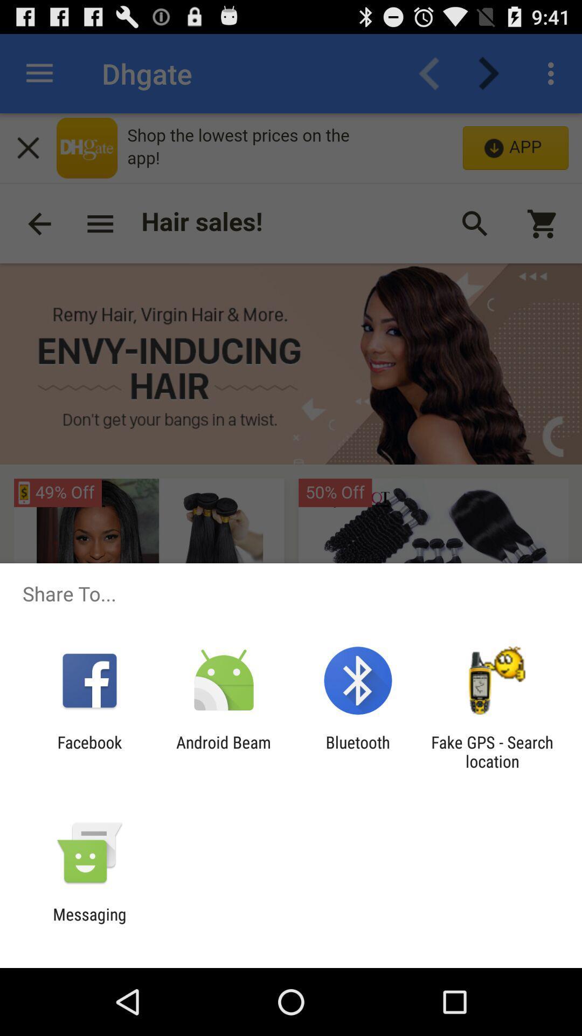  Describe the element at coordinates (358, 751) in the screenshot. I see `app next to fake gps search` at that location.